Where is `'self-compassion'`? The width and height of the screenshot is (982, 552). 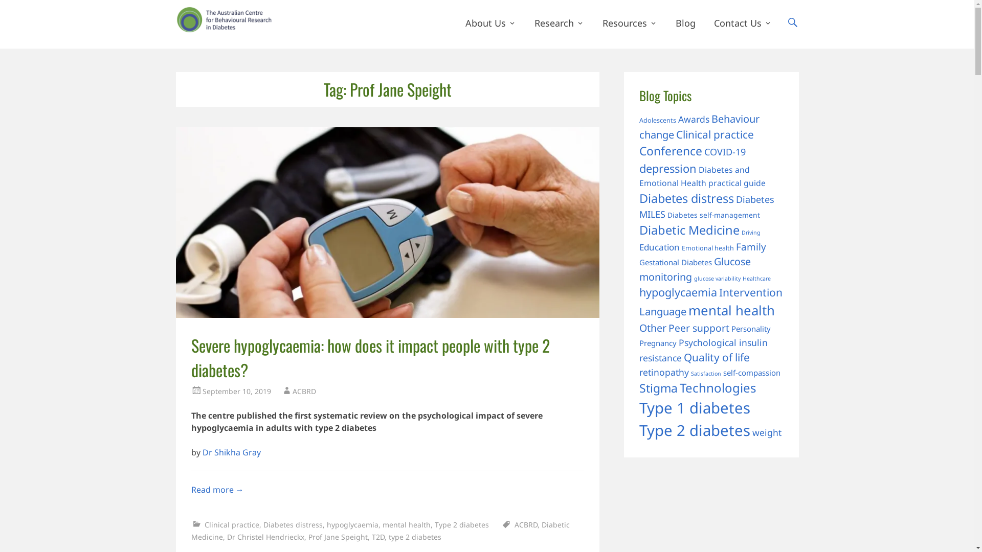
'self-compassion' is located at coordinates (751, 373).